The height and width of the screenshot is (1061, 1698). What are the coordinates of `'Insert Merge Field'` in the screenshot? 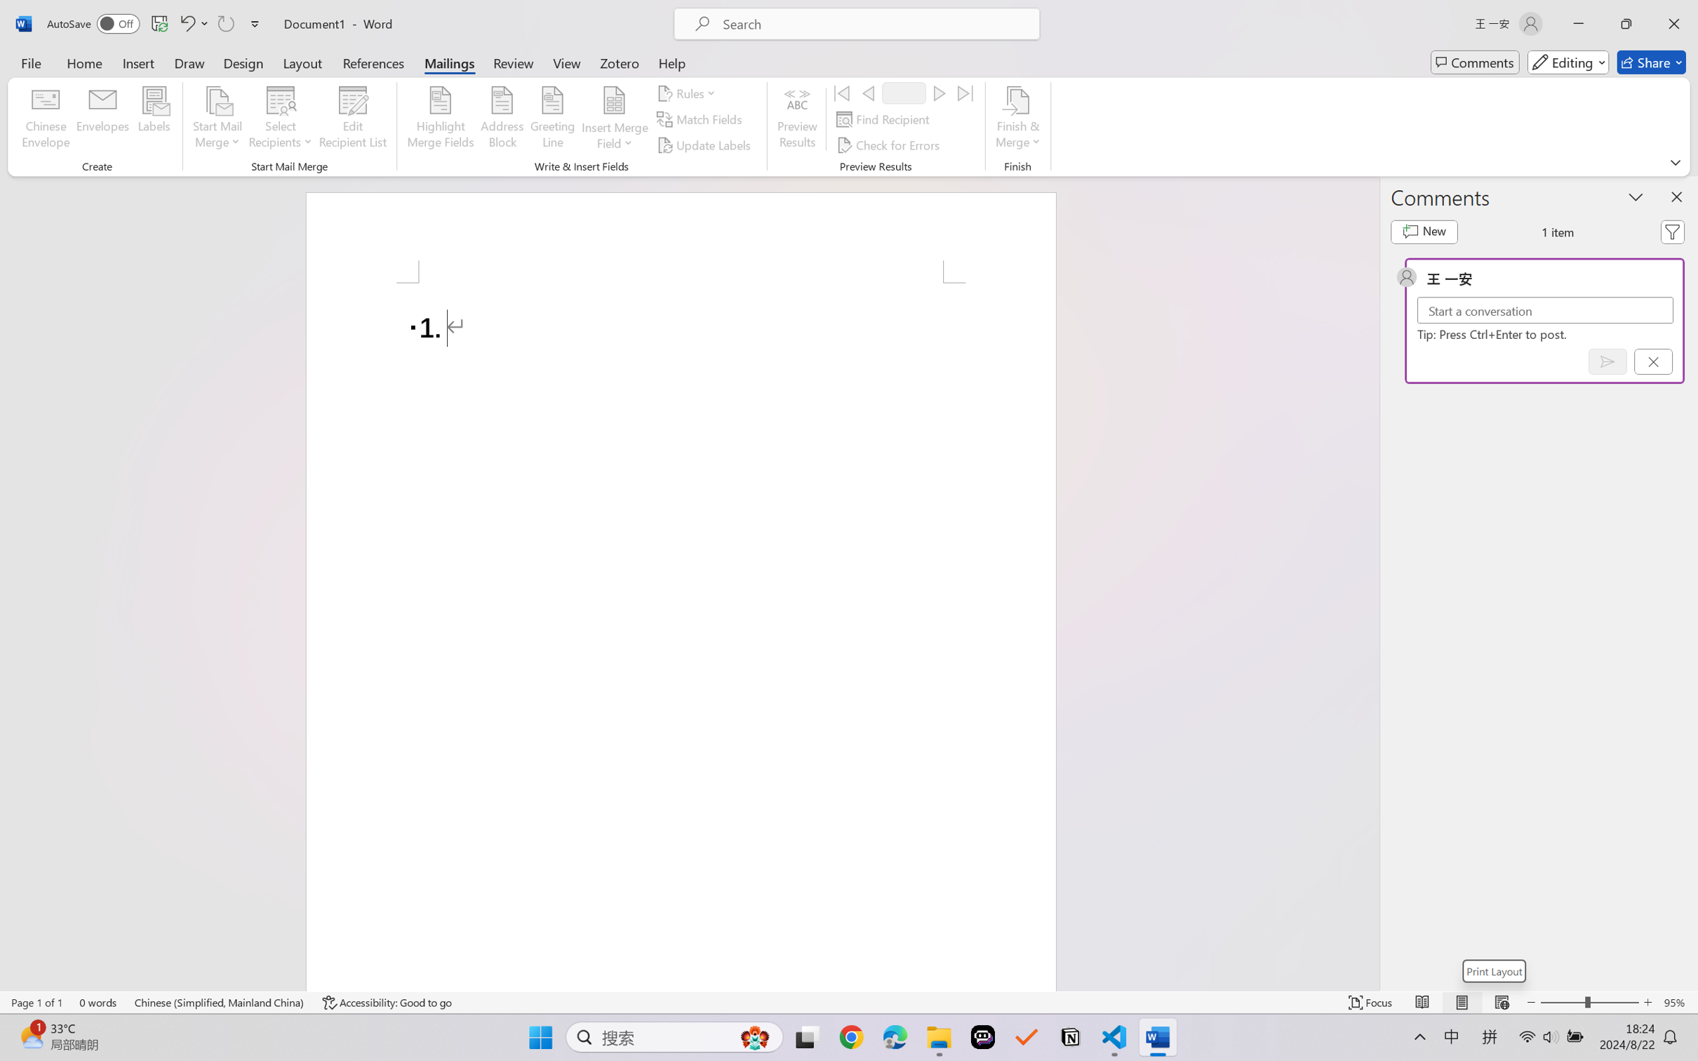 It's located at (614, 100).